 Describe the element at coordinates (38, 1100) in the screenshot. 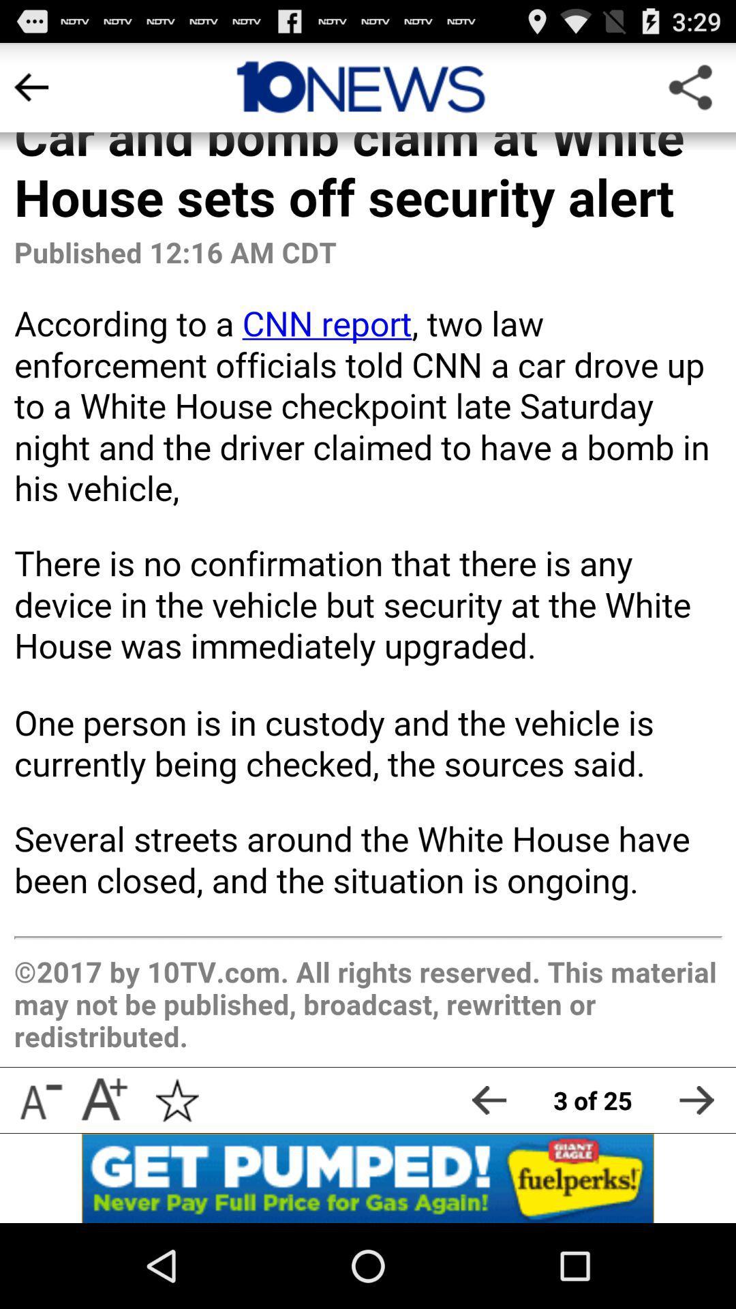

I see `make font size smaller` at that location.